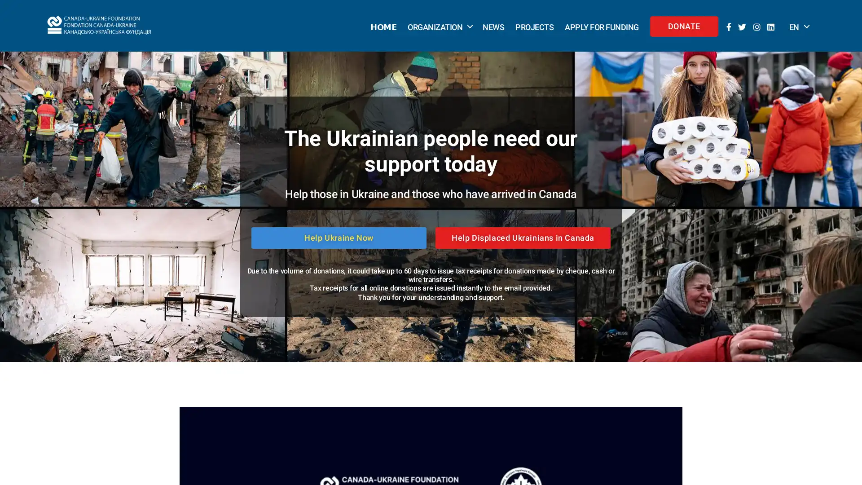  I want to click on Help Ukraine Now, so click(338, 237).